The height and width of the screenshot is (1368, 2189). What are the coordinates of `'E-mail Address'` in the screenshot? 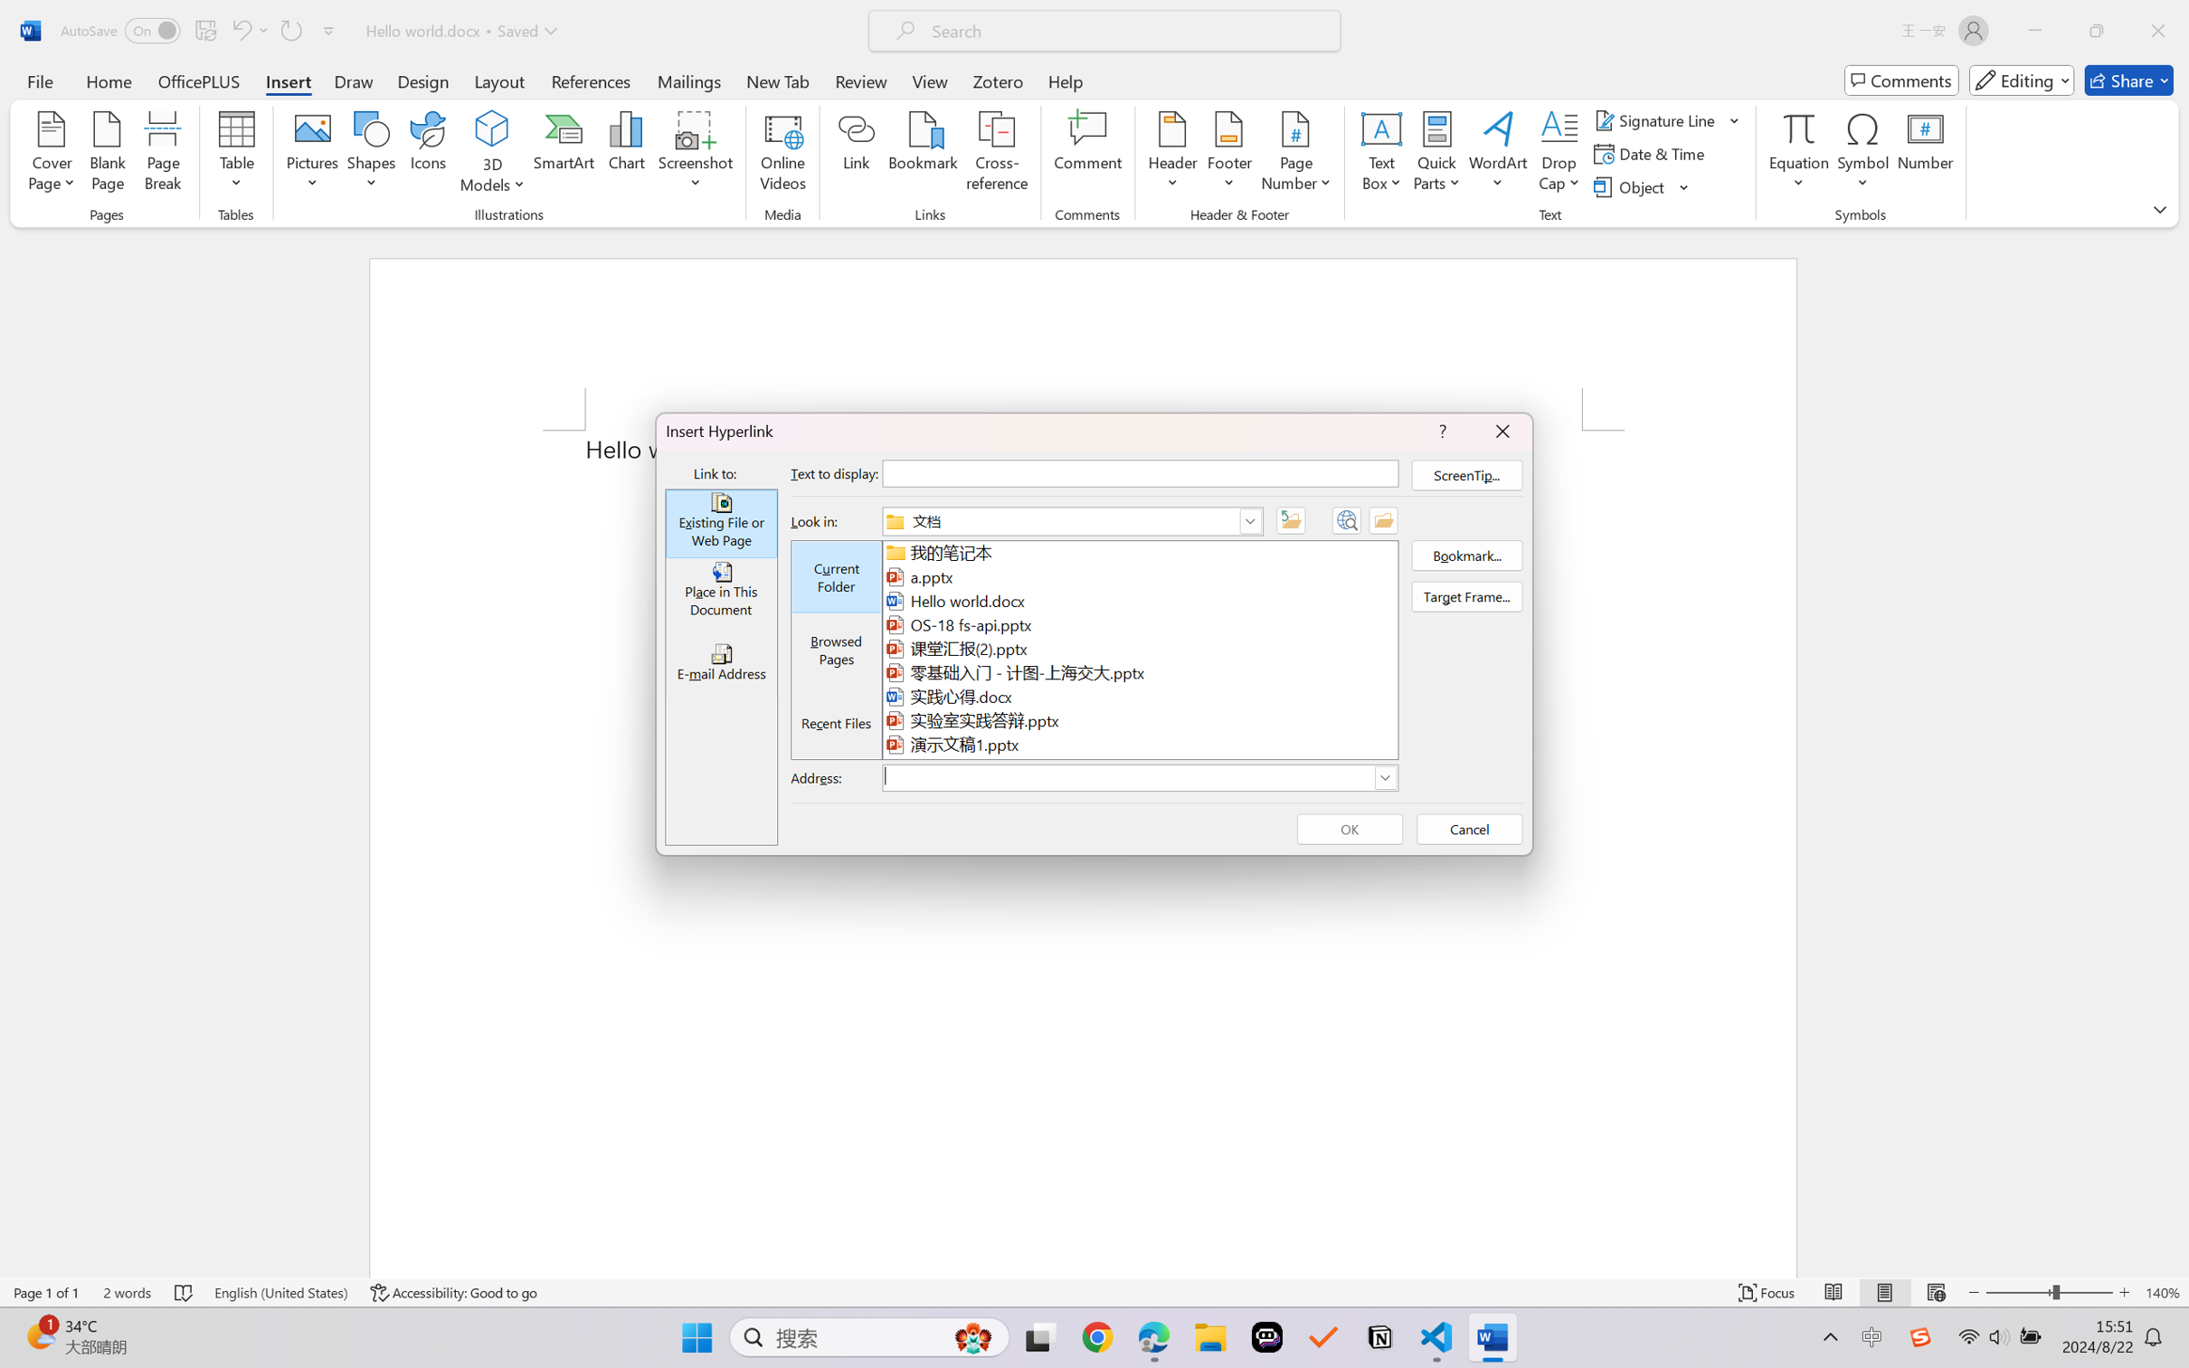 It's located at (721, 662).